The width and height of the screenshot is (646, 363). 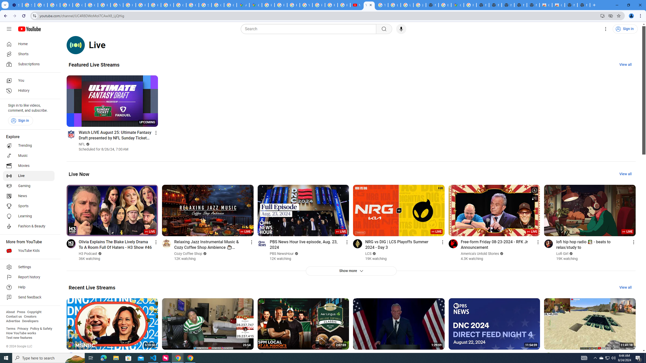 I want to click on 'America', so click(x=480, y=254).